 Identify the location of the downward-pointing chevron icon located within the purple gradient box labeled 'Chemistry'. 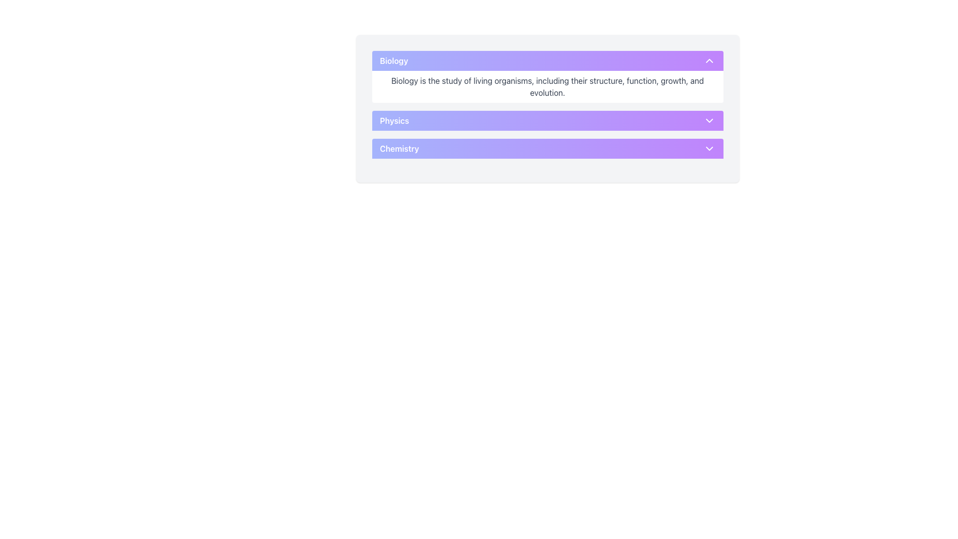
(709, 148).